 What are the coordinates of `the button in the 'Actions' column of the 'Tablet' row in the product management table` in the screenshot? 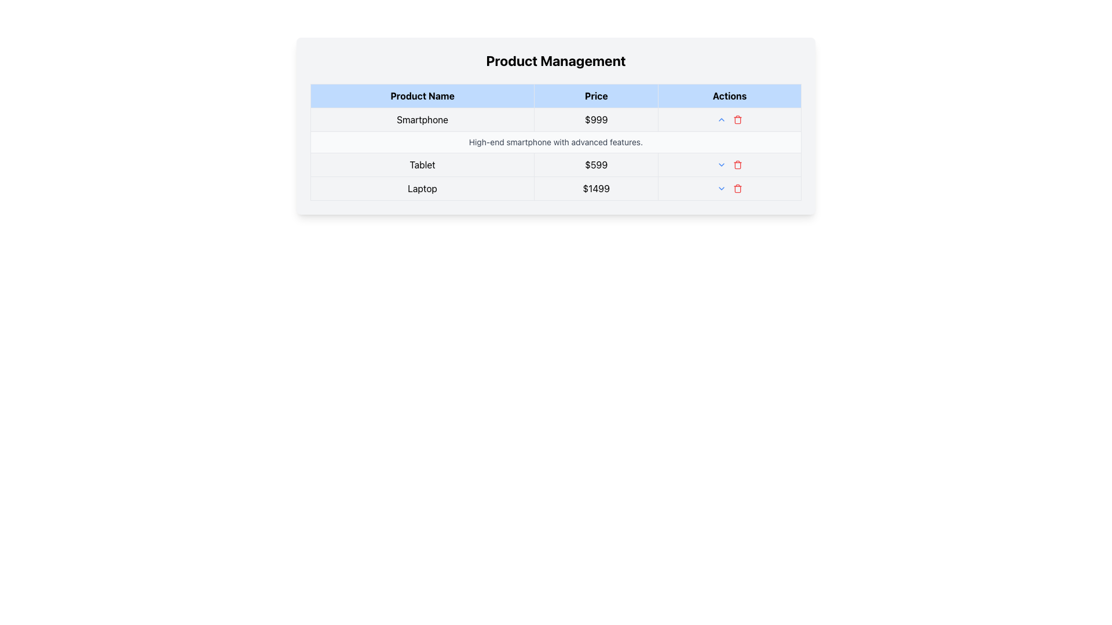 It's located at (721, 188).